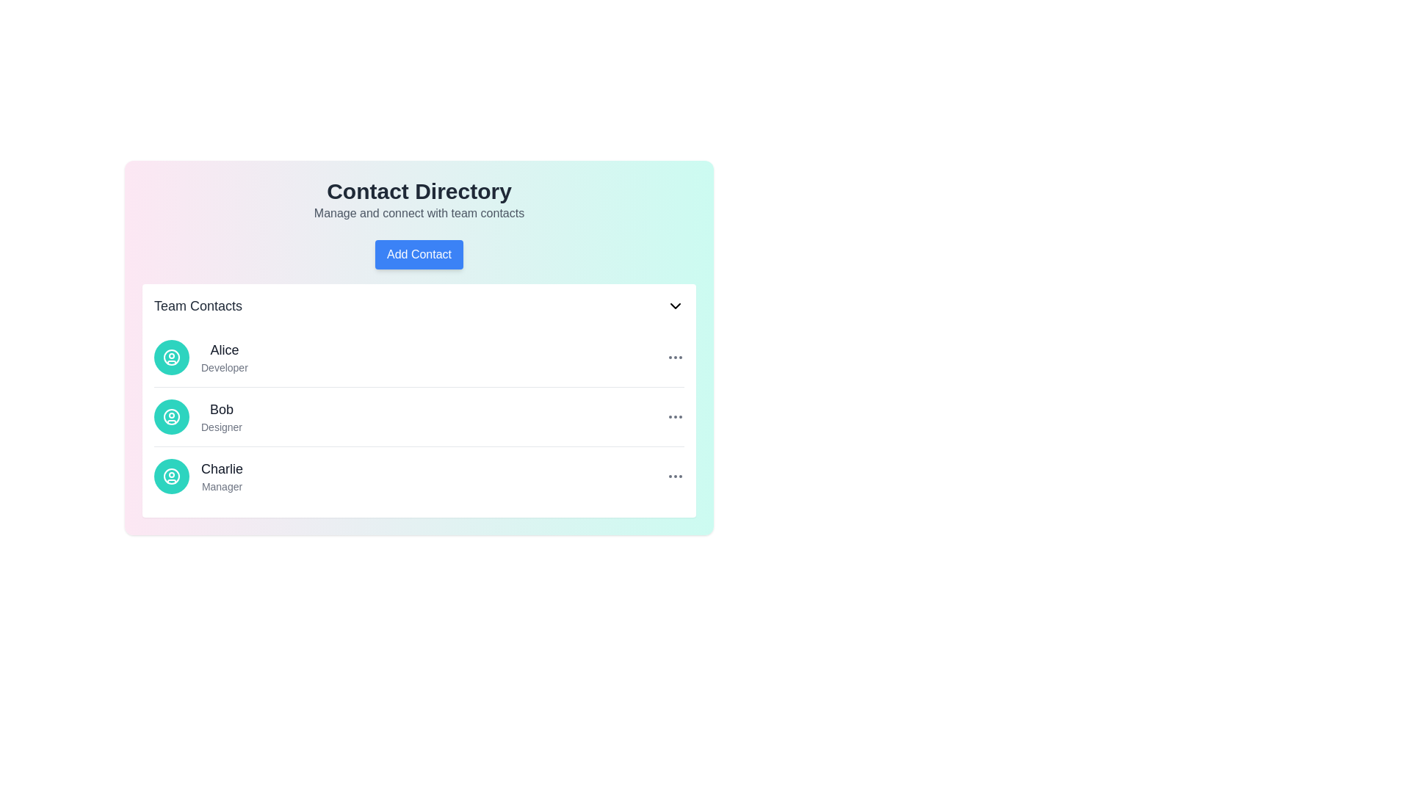  I want to click on the text label displaying the name of the third contact in the 'Team Contacts' section, which is positioned beneath 'Alice' and 'Bob', so click(221, 469).